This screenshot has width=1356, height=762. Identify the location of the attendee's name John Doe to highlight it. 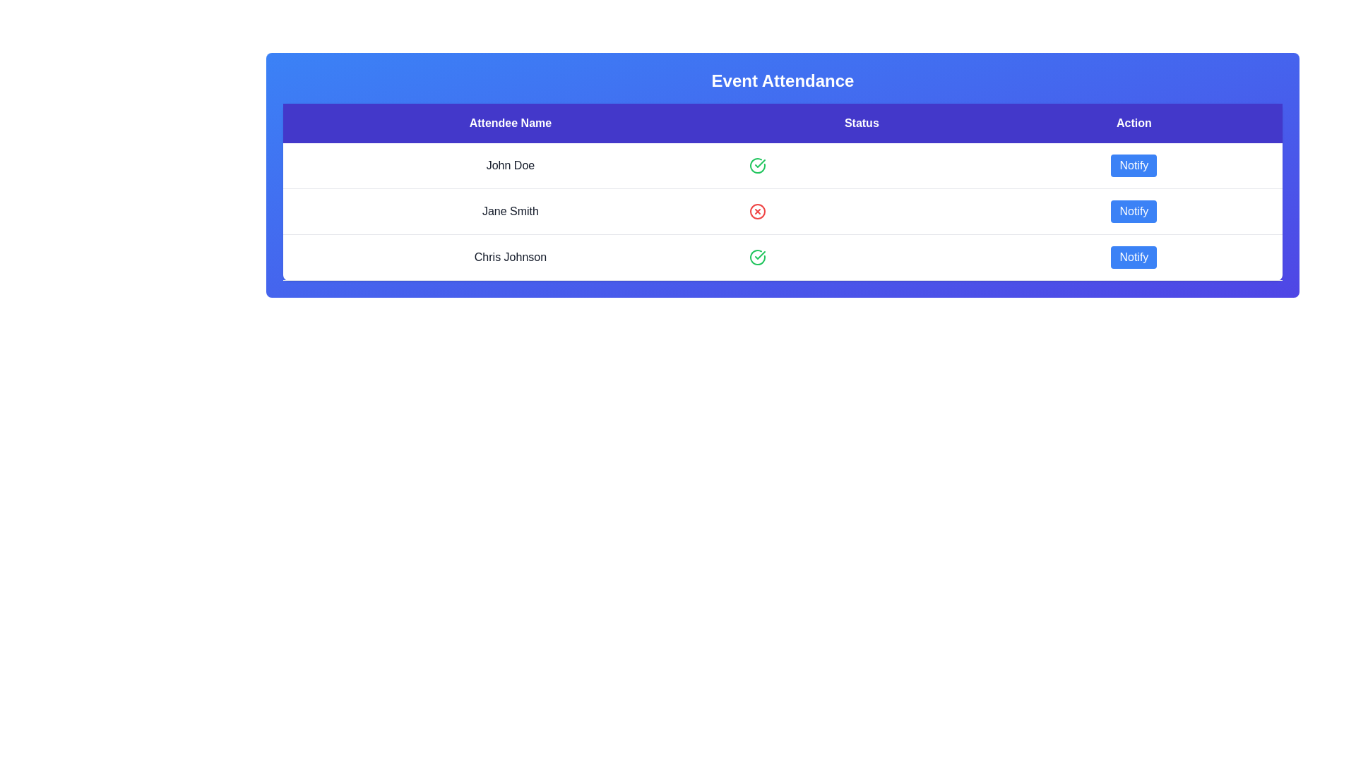
(509, 165).